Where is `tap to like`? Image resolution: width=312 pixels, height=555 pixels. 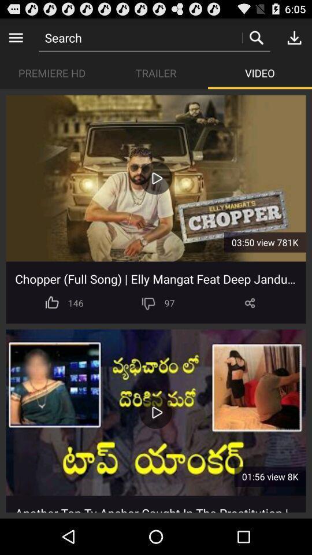 tap to like is located at coordinates (51, 302).